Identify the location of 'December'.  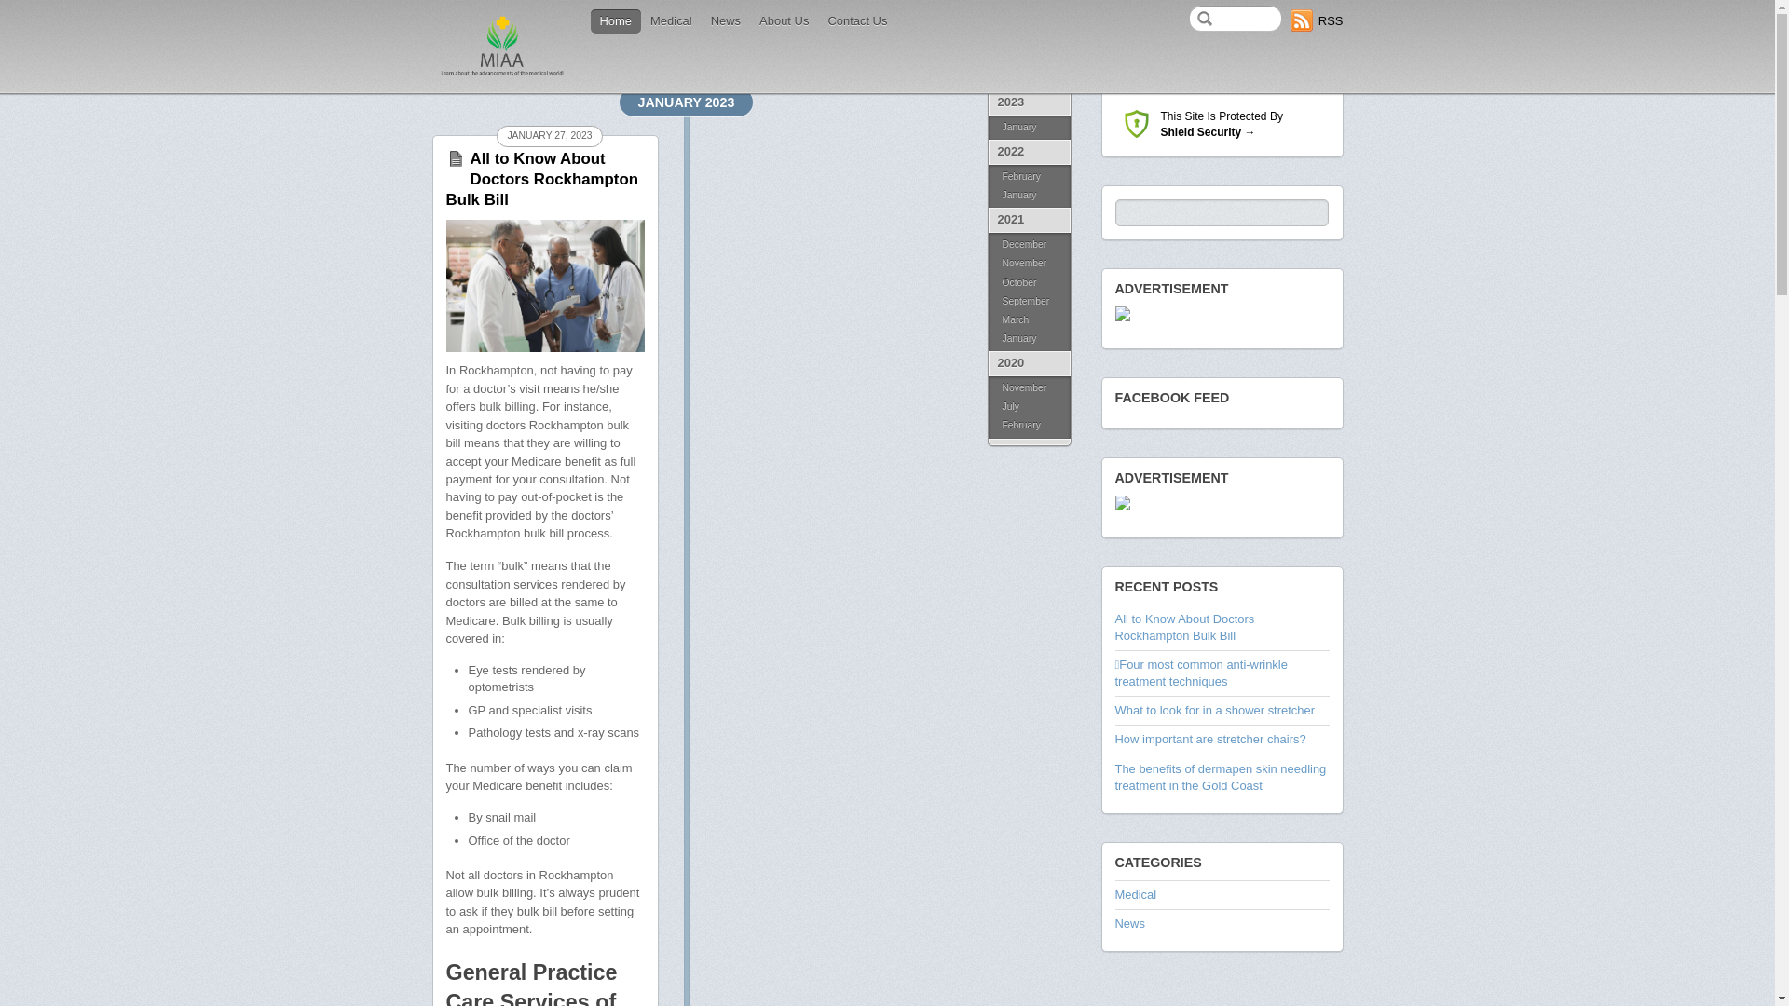
(1028, 242).